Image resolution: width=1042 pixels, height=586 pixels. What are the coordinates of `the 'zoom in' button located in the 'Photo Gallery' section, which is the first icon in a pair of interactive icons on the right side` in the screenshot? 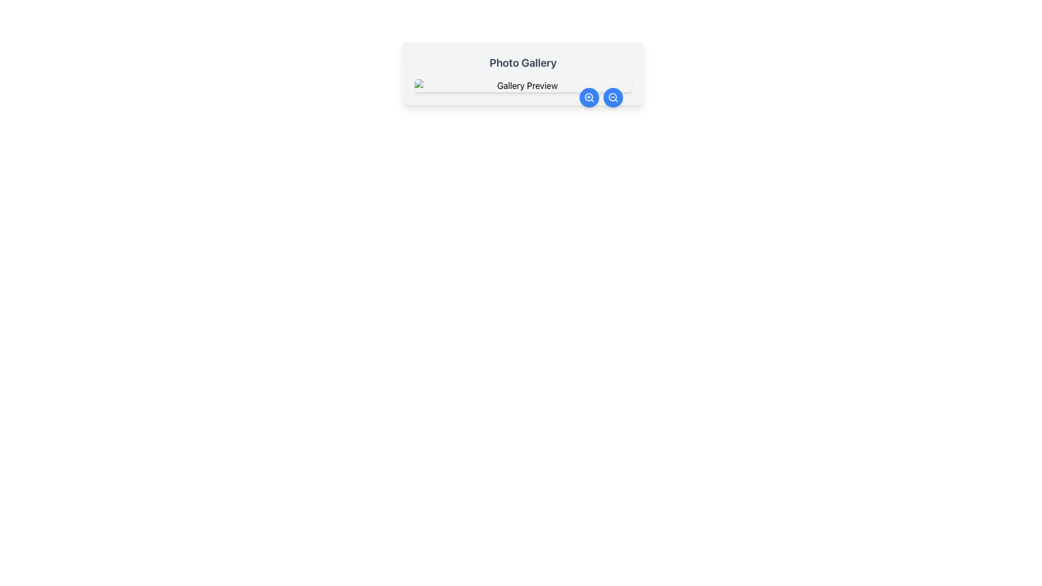 It's located at (588, 98).